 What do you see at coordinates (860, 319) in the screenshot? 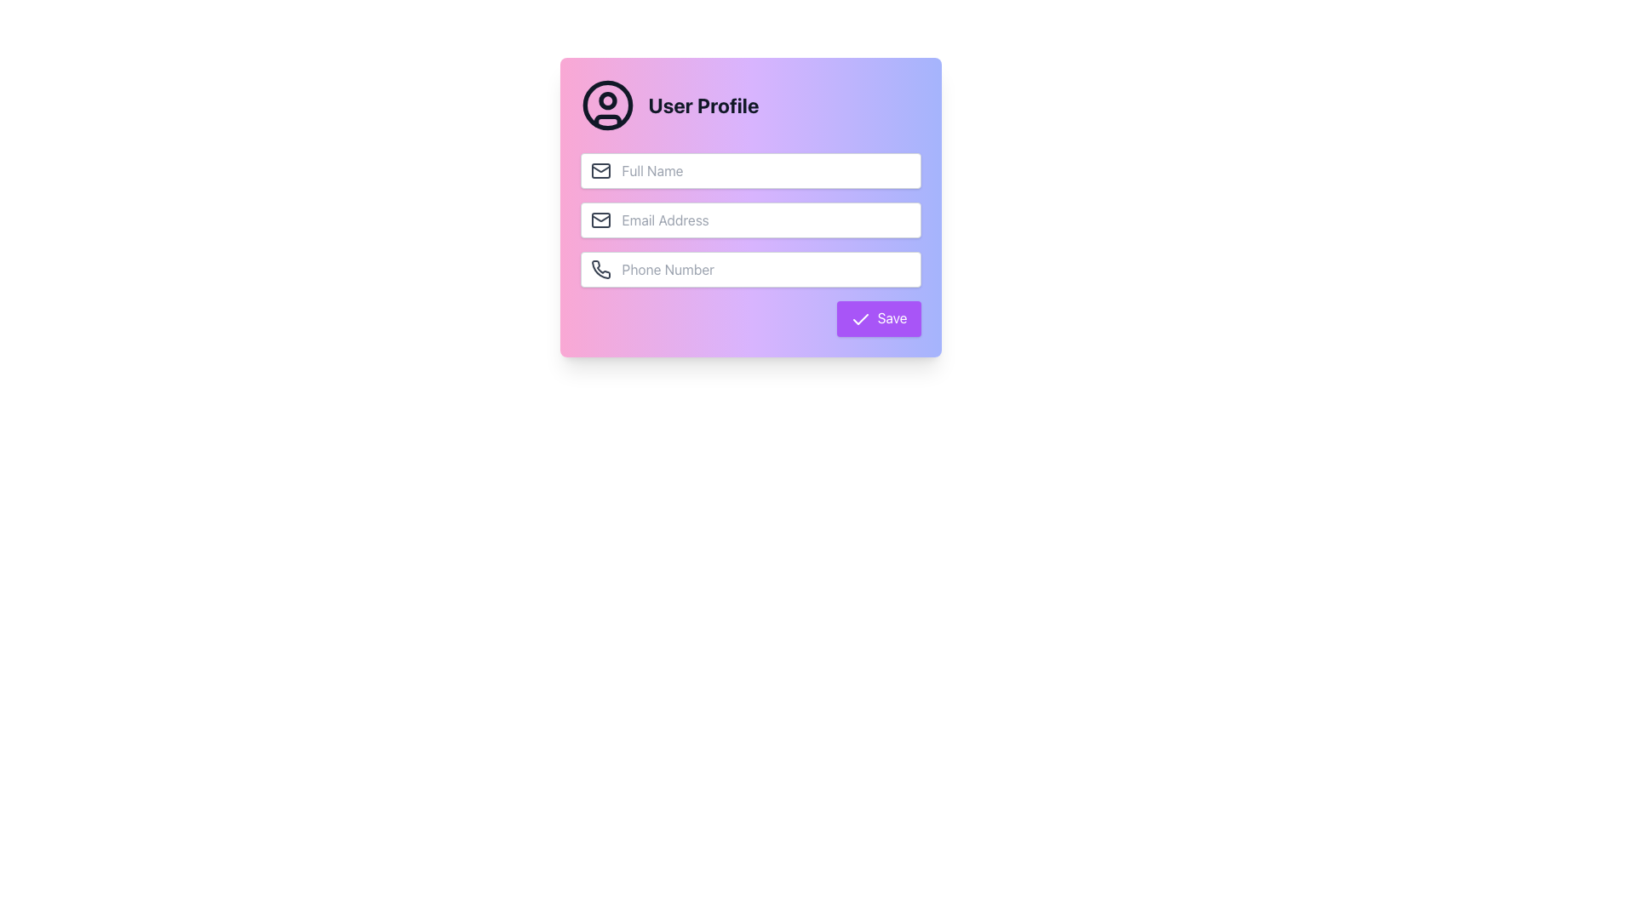
I see `the checkmark icon that visually confirms the save action, located in the bottom-right section of the user profile form` at bounding box center [860, 319].